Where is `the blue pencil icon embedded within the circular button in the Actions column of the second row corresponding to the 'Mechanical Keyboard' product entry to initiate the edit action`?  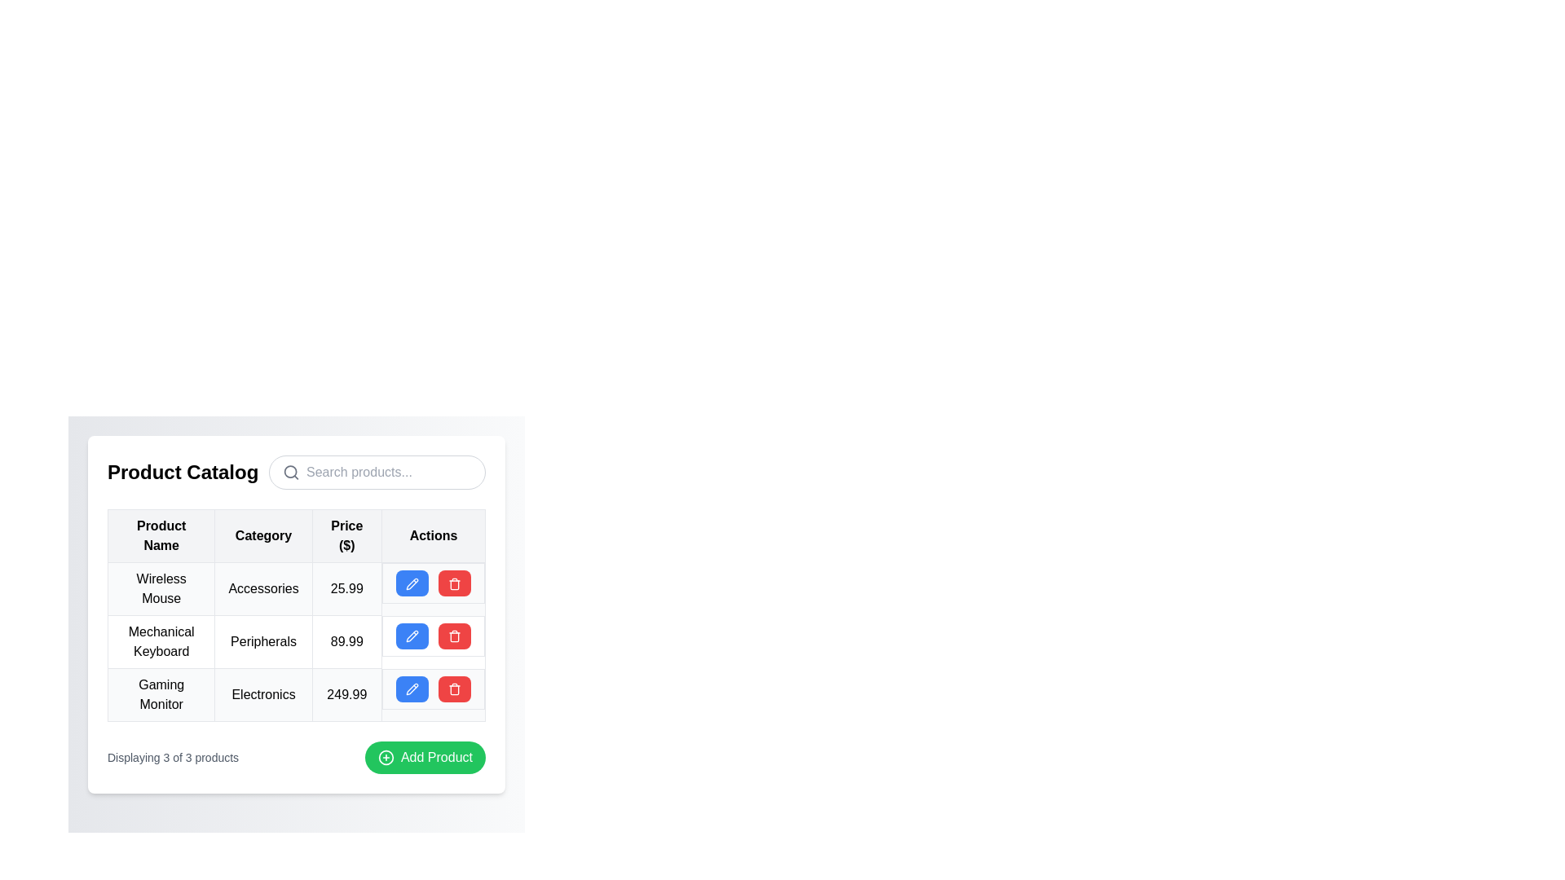 the blue pencil icon embedded within the circular button in the Actions column of the second row corresponding to the 'Mechanical Keyboard' product entry to initiate the edit action is located at coordinates (412, 636).